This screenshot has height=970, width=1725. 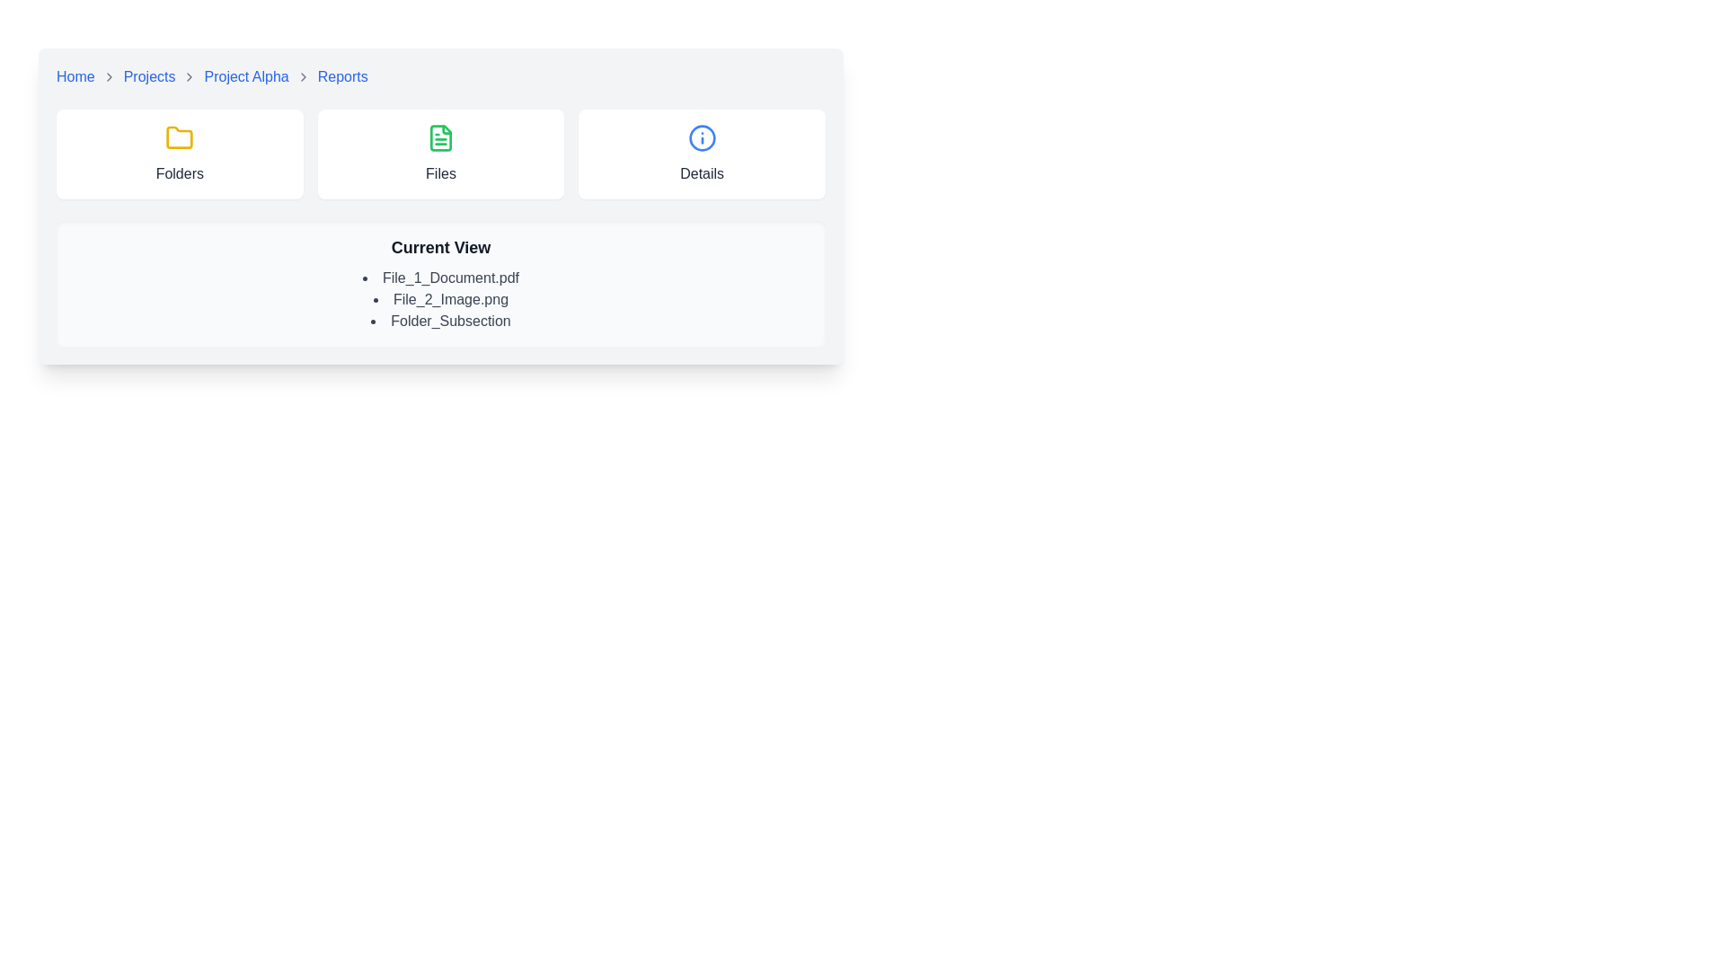 I want to click on the yellow folder icon, which is the leftmost element in the group above the label 'Folders.', so click(x=180, y=137).